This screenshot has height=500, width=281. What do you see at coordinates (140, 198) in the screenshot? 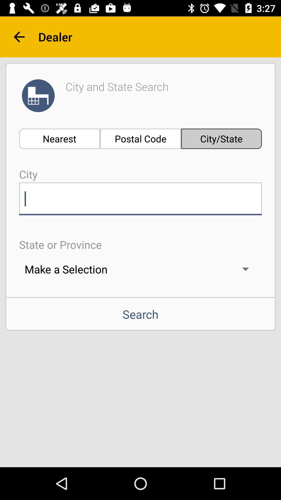
I see `city` at bounding box center [140, 198].